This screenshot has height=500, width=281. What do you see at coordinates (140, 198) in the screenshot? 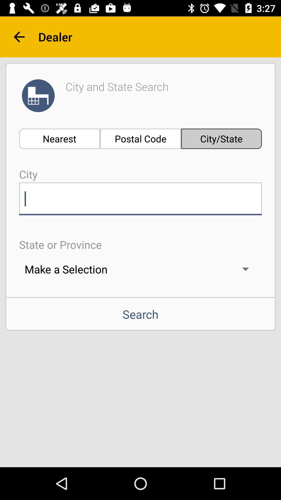
I see `city` at bounding box center [140, 198].